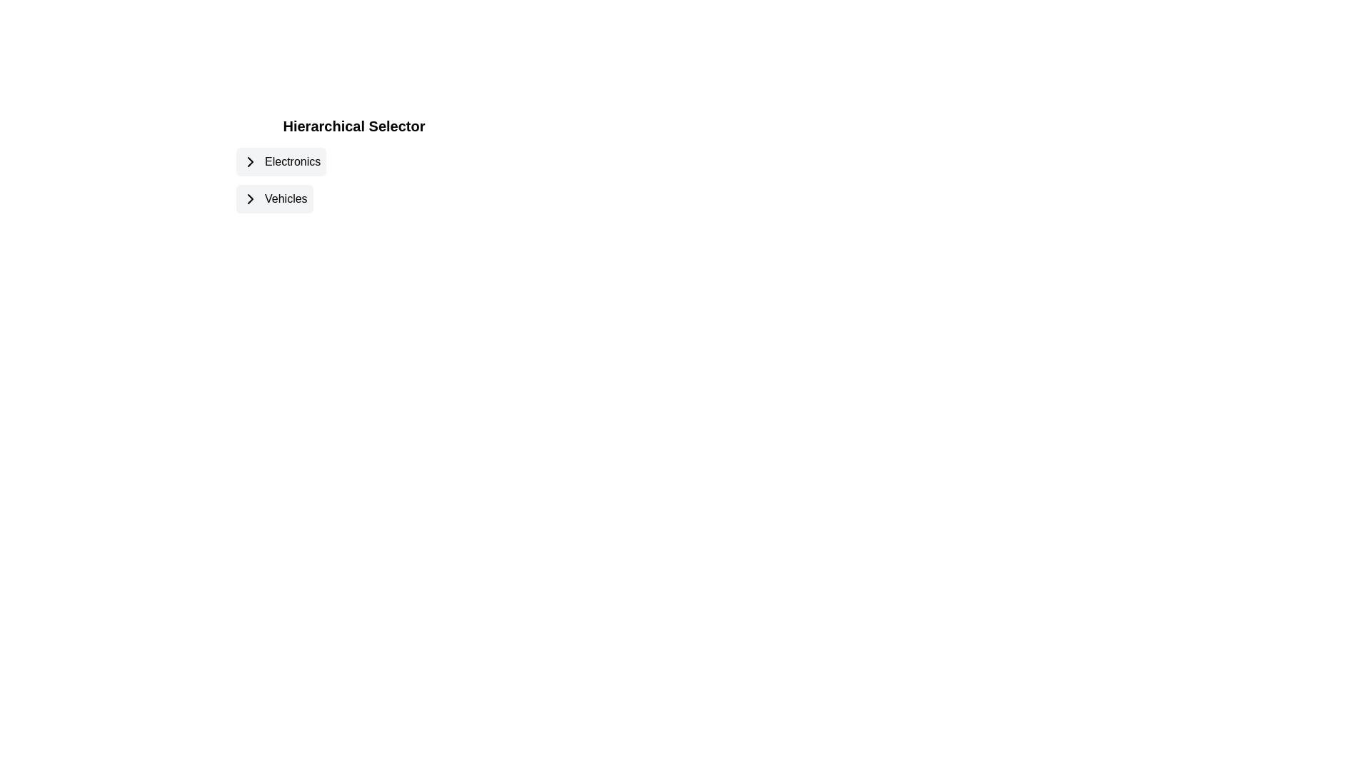 This screenshot has height=771, width=1371. What do you see at coordinates (274, 198) in the screenshot?
I see `the 'Vehicles' category button, which is the second item in a vertically stacked list of selectable categories, located below the 'Electronics' button` at bounding box center [274, 198].